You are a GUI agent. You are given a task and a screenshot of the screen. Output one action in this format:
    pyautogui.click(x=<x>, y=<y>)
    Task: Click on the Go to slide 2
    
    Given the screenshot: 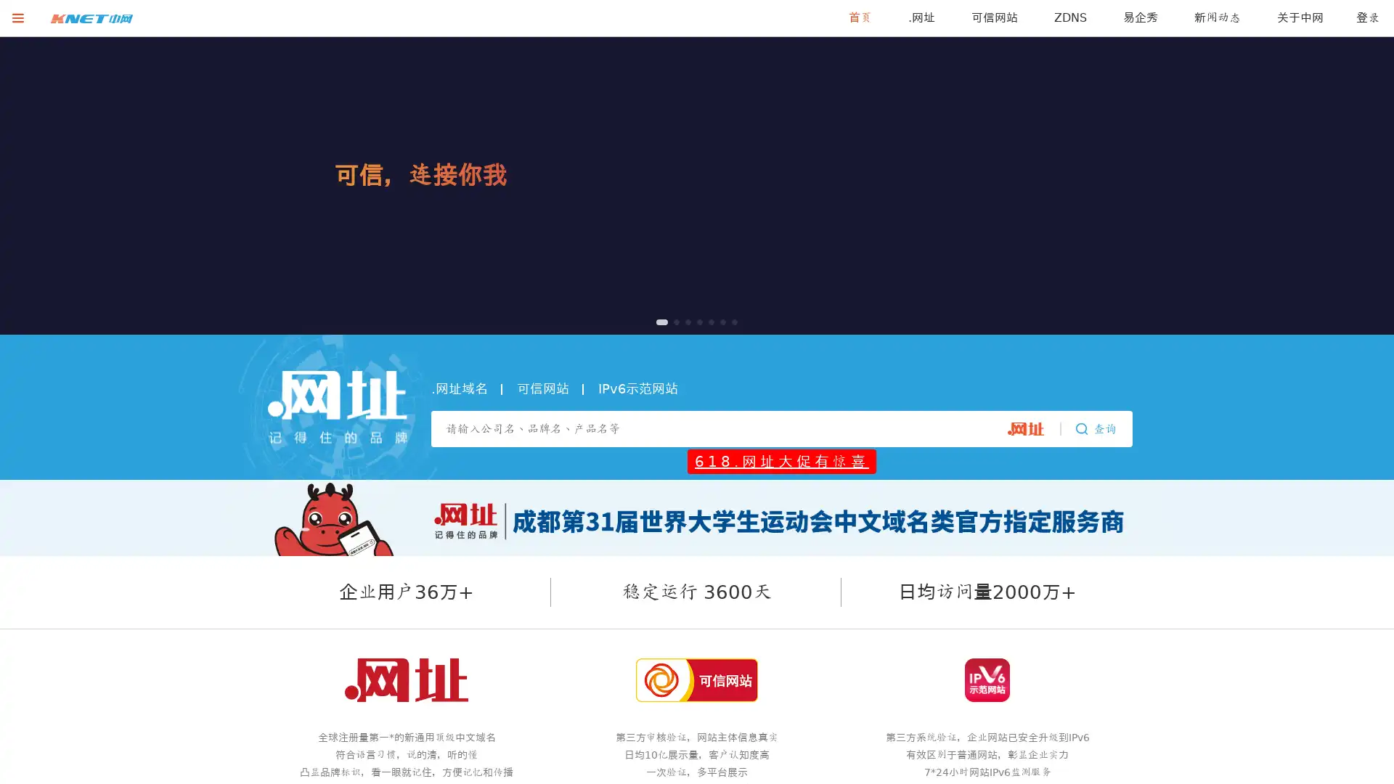 What is the action you would take?
    pyautogui.click(x=670, y=321)
    